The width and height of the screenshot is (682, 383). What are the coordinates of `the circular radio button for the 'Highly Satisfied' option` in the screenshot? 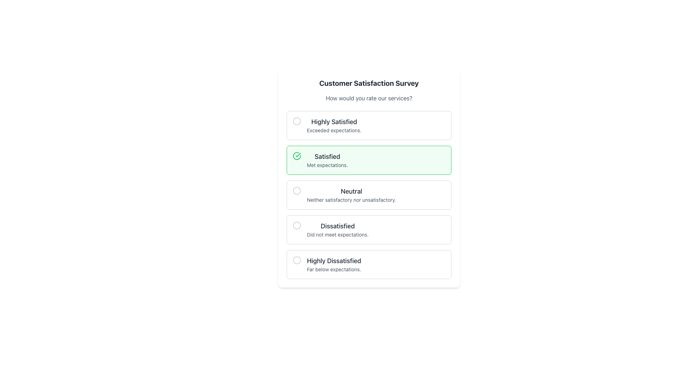 It's located at (297, 121).